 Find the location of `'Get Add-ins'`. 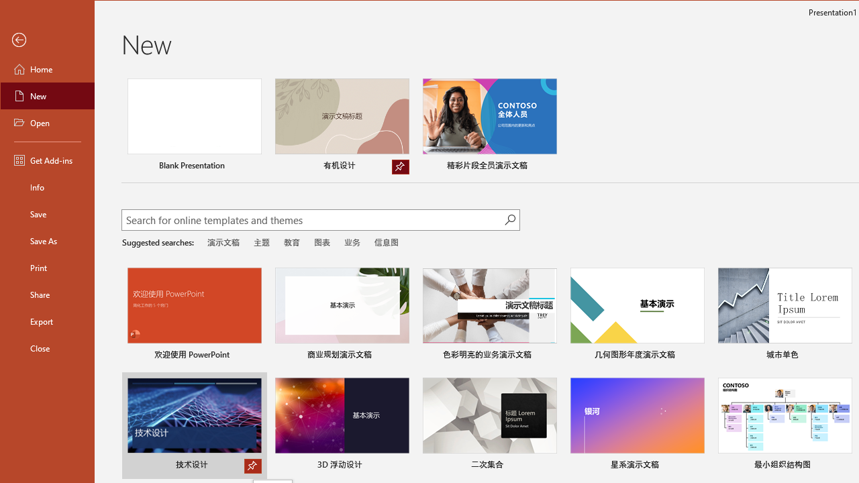

'Get Add-ins' is located at coordinates (48, 160).